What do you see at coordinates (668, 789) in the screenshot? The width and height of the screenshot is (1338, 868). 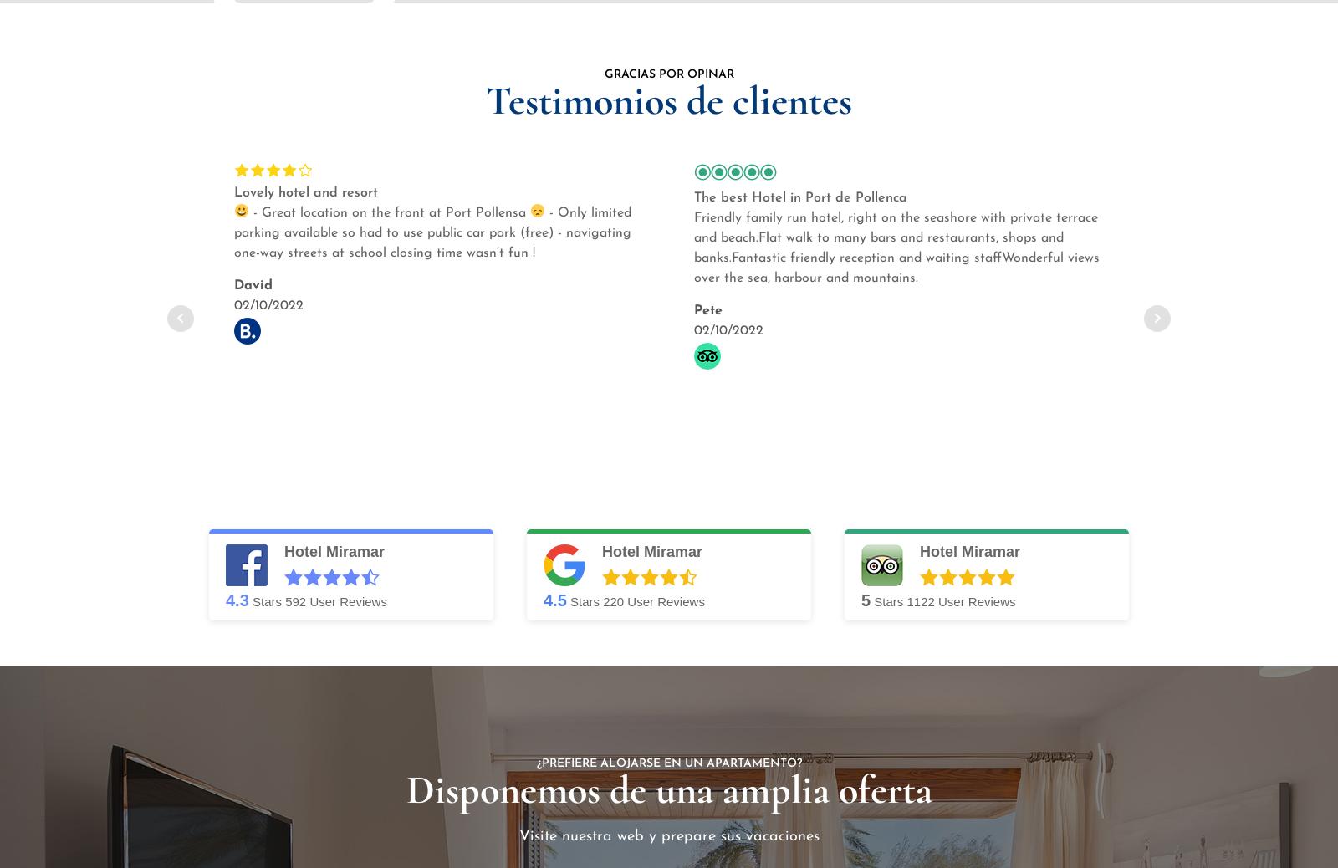 I see `'Disponemos de una amplia oferta'` at bounding box center [668, 789].